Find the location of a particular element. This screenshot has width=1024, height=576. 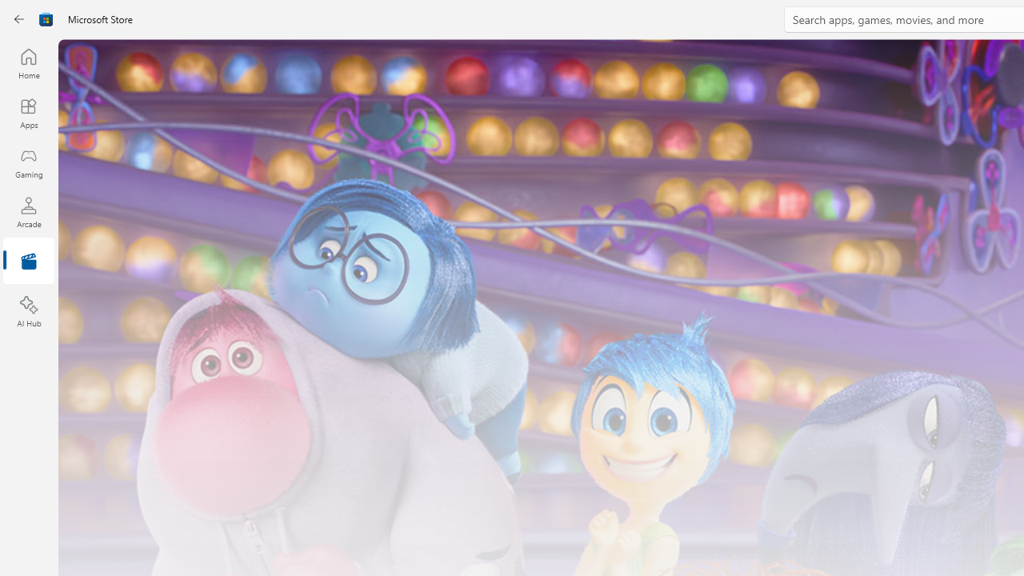

'Class: Image' is located at coordinates (46, 19).